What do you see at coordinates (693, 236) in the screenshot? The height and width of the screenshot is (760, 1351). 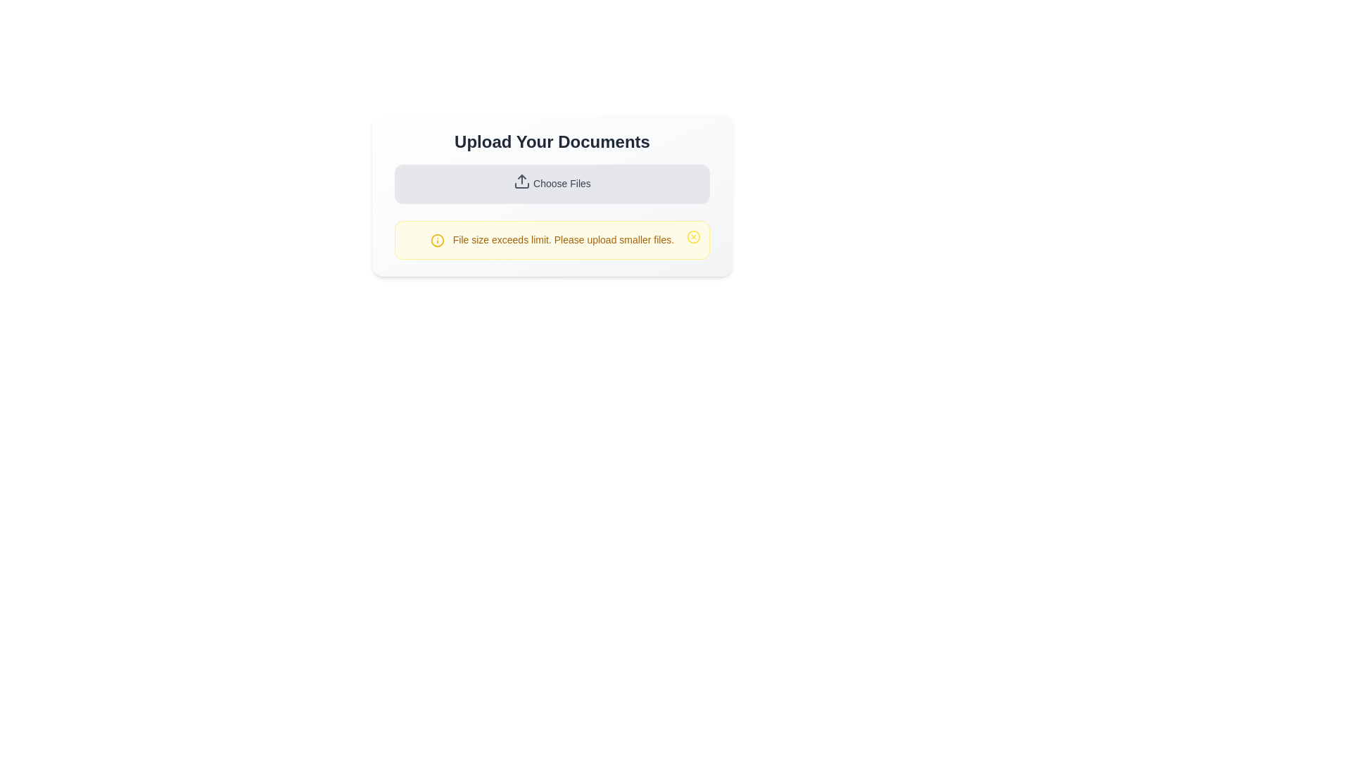 I see `the circular 'X' icon with a yellow outline in the upper-right corner of the yellow notification box` at bounding box center [693, 236].